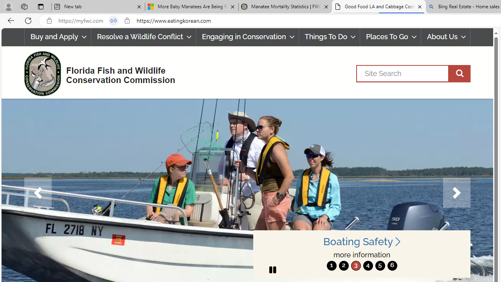  I want to click on '2', so click(344, 265).